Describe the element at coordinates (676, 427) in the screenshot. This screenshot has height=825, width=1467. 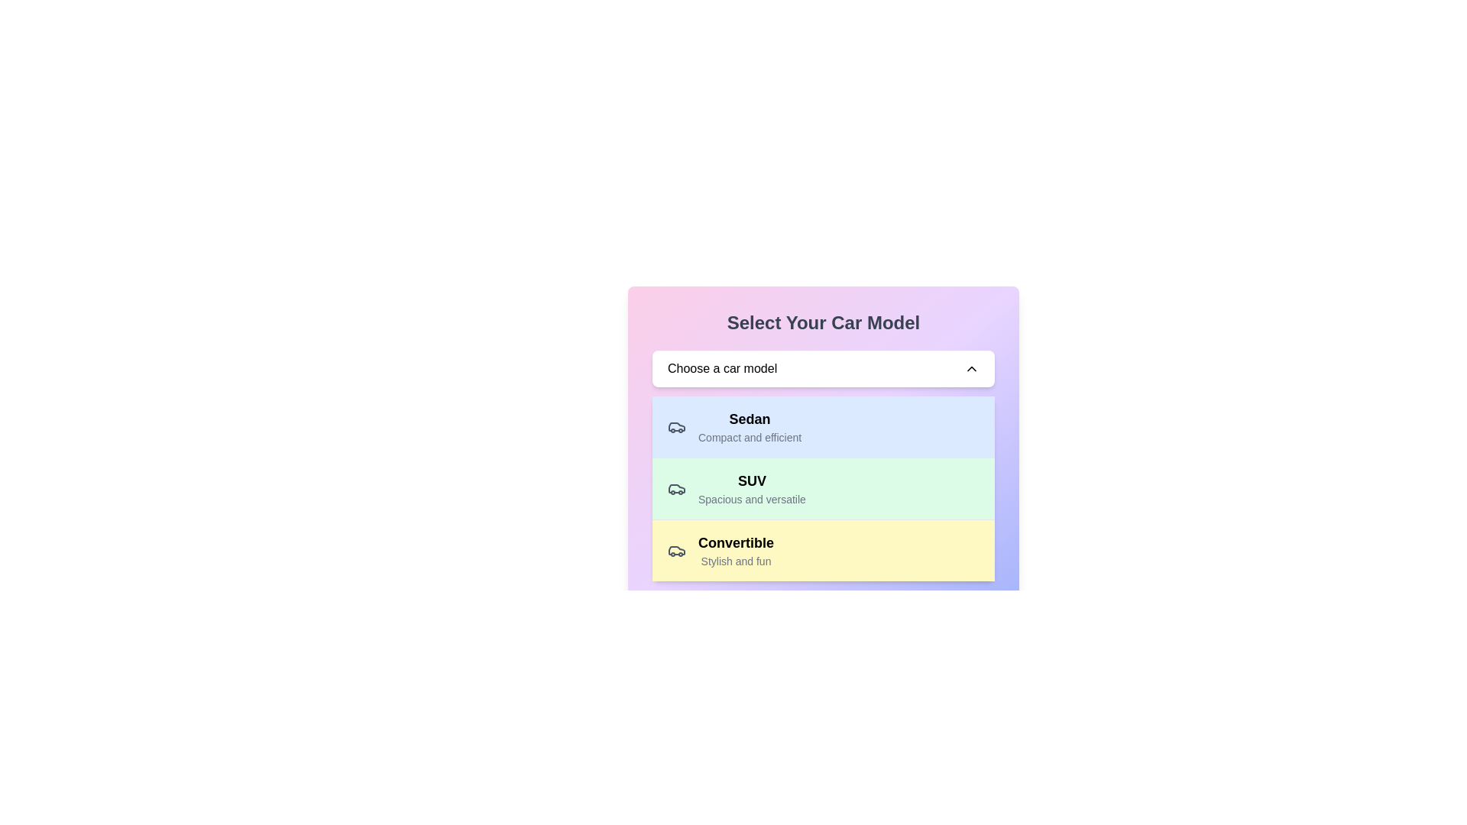
I see `the minimalist outline car icon` at that location.